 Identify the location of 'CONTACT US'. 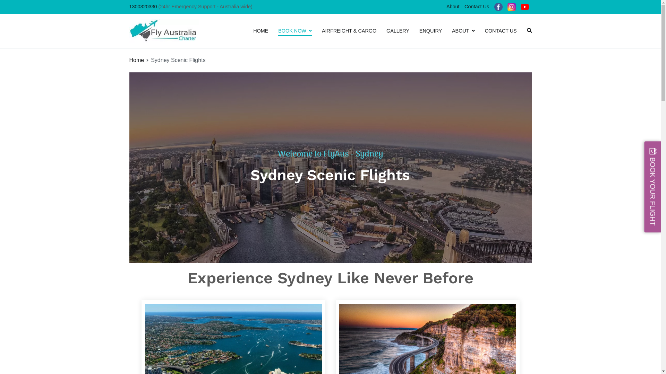
(501, 30).